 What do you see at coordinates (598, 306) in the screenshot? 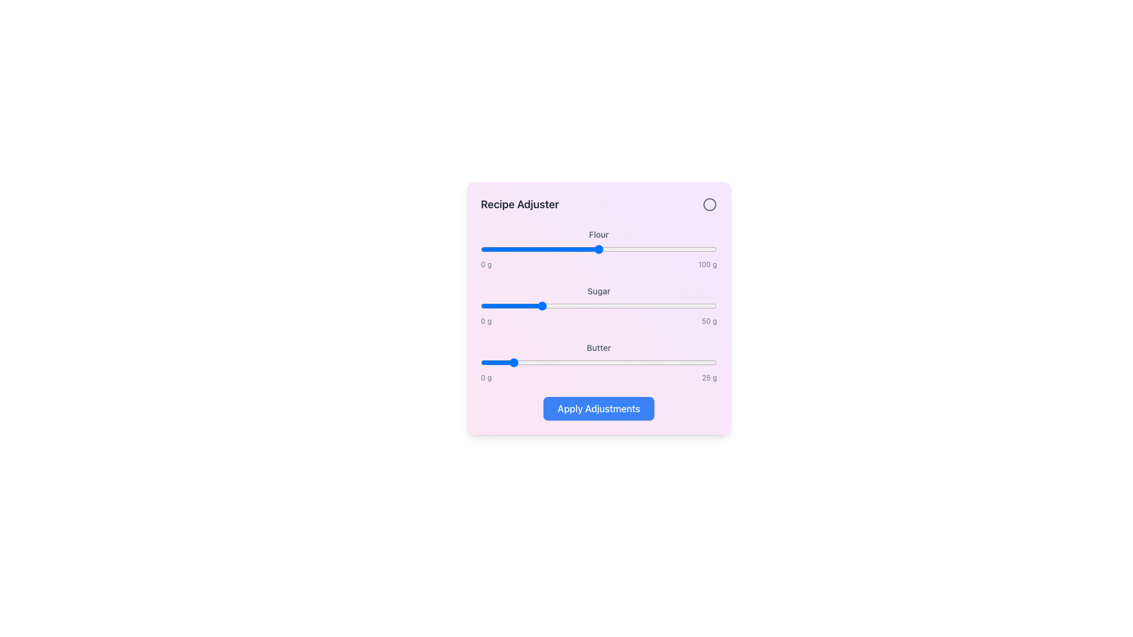
I see `the track of the Range Slider used to adjust sugar levels in the recipe, which is centrally positioned below the 'Sugar' label and above the '0 g' and '50 g' markers` at bounding box center [598, 306].